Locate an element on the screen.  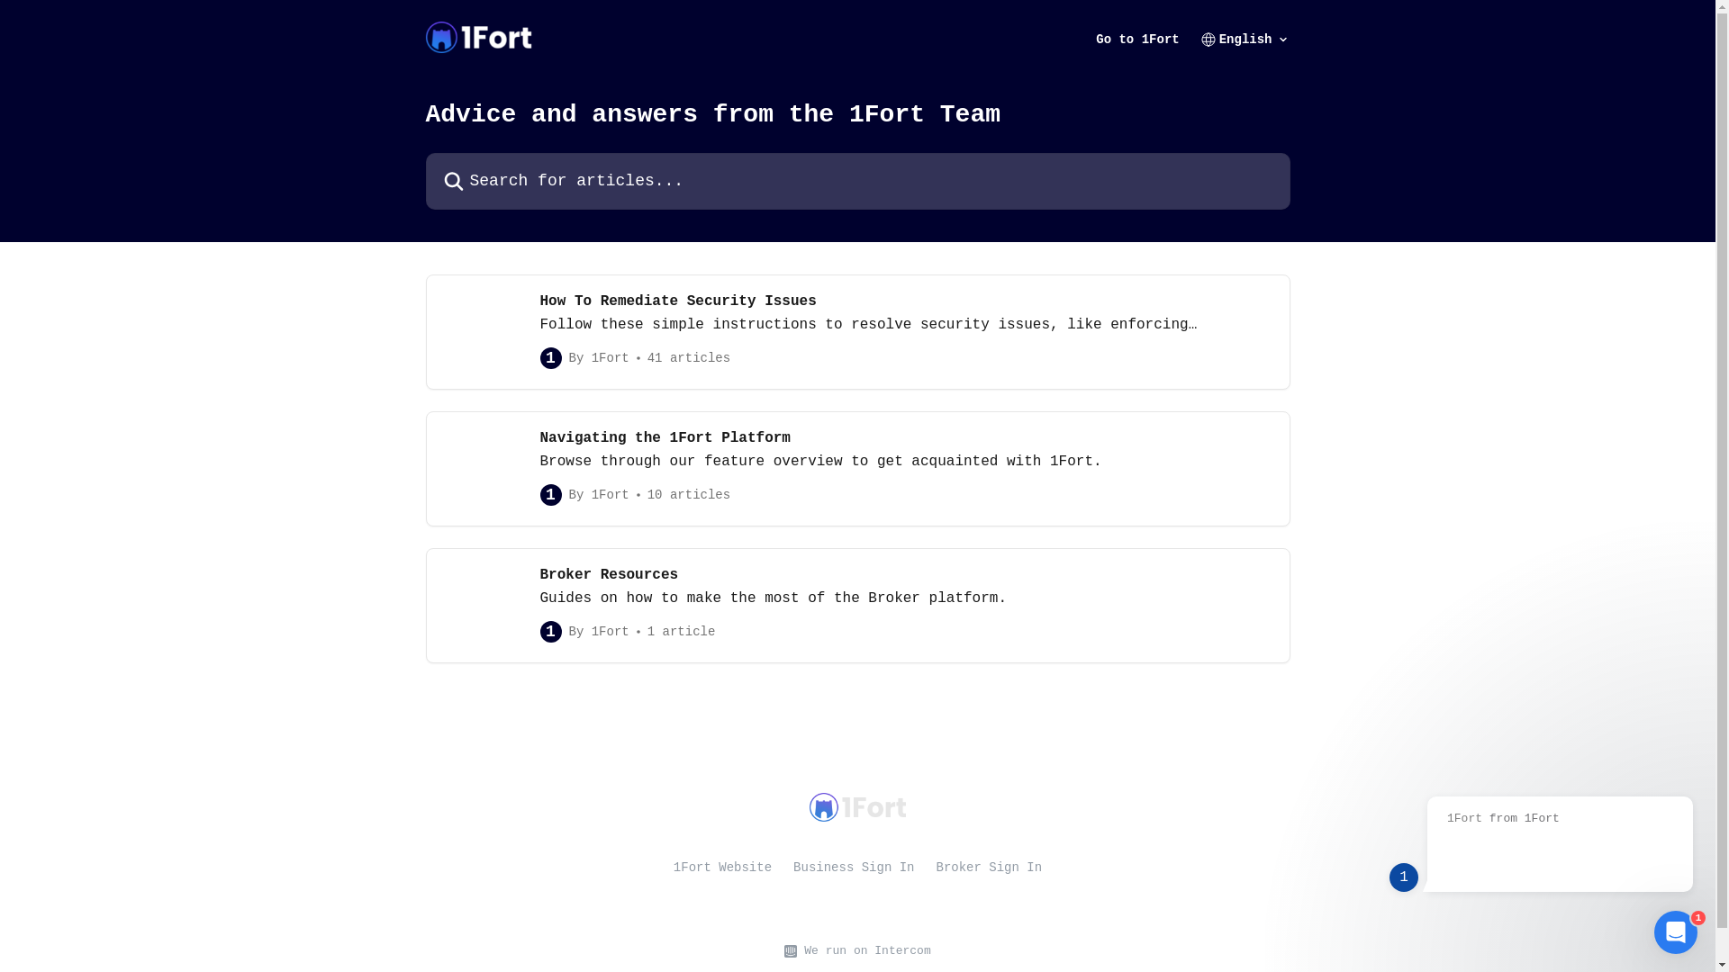
'Broker Sign In' is located at coordinates (989, 867).